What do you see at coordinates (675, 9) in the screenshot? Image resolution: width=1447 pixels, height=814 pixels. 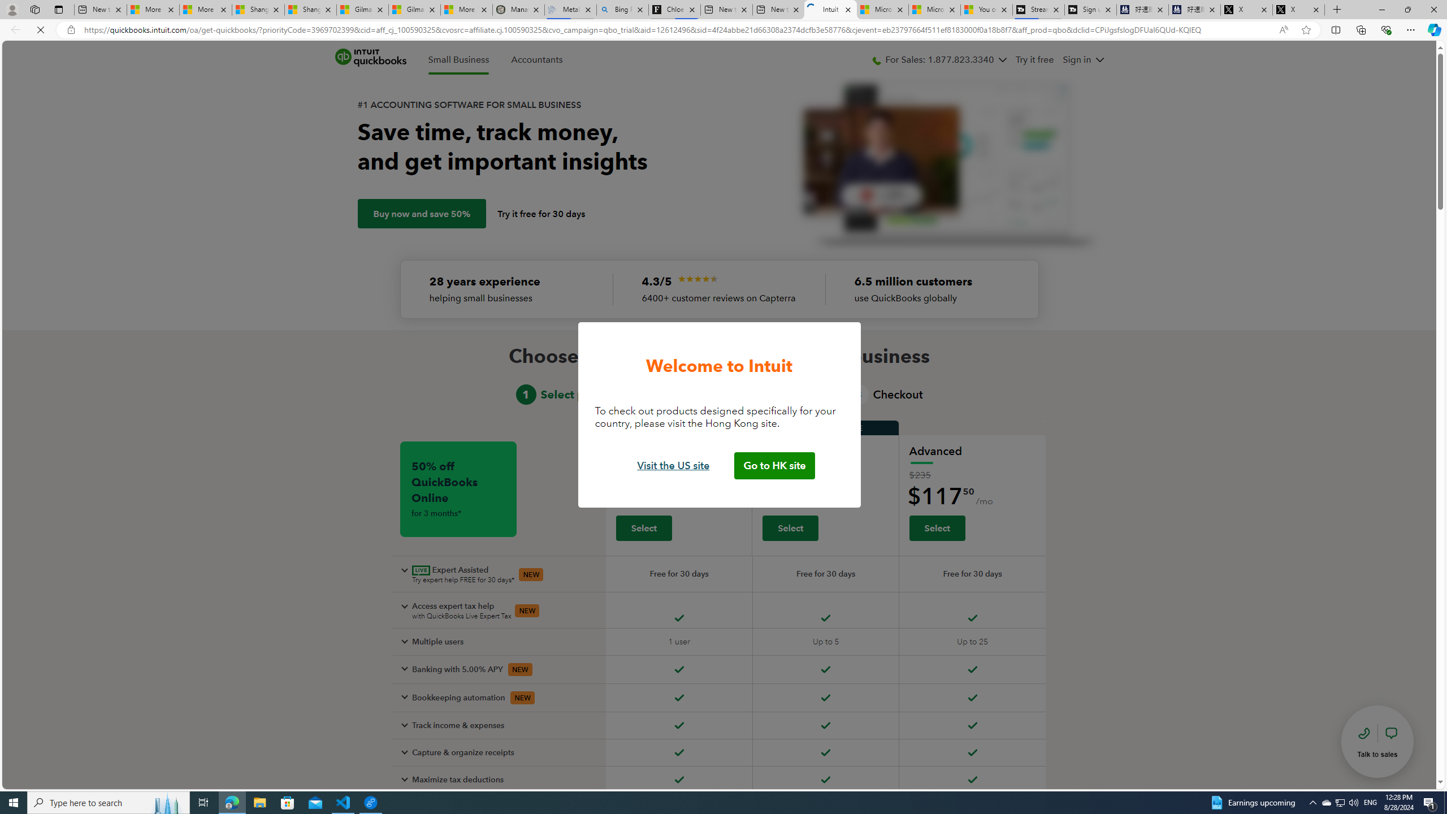 I see `'Chloe Sorvino'` at bounding box center [675, 9].